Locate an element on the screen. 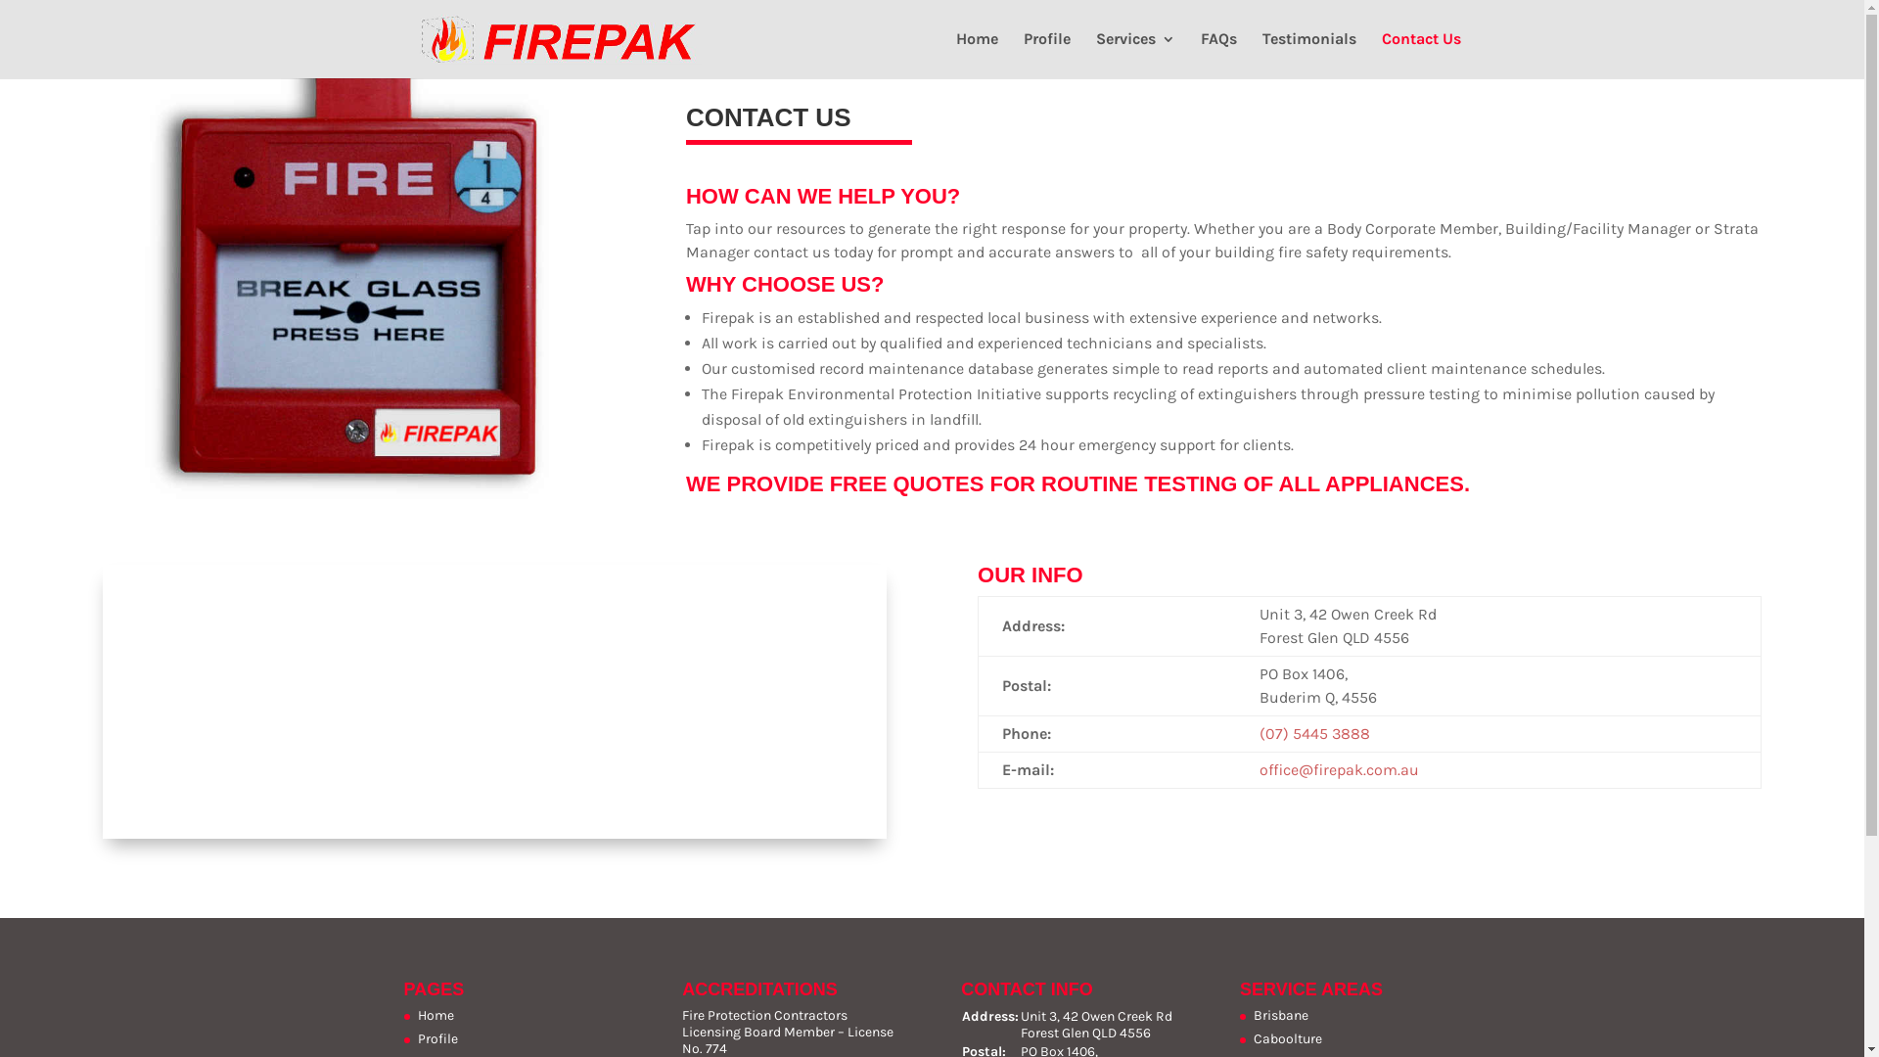 The width and height of the screenshot is (1879, 1057). 'Services' is located at coordinates (1135, 54).